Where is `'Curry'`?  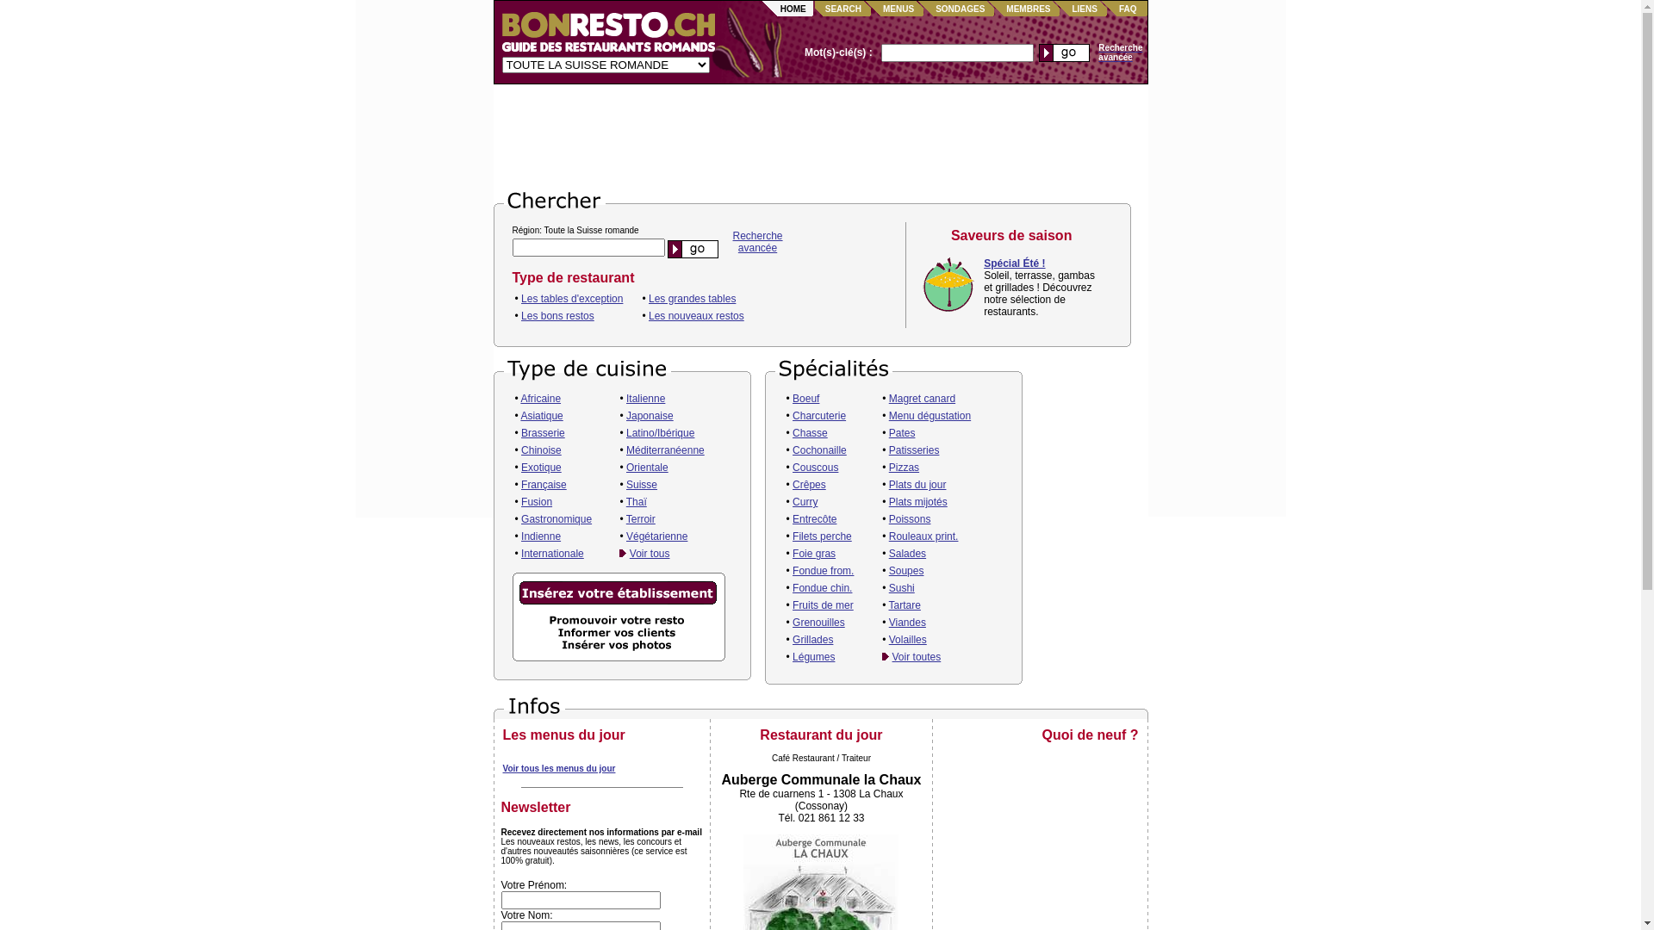
'Curry' is located at coordinates (804, 501).